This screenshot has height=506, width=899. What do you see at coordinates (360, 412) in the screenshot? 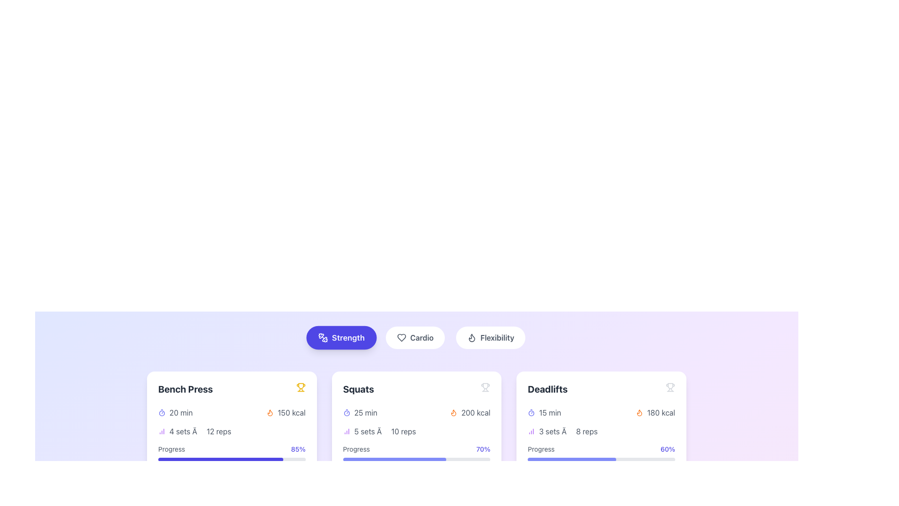
I see `the text label displaying '25 min' with a clock icon, located in the 'Squats' card, just below the title 'Squats'` at bounding box center [360, 412].